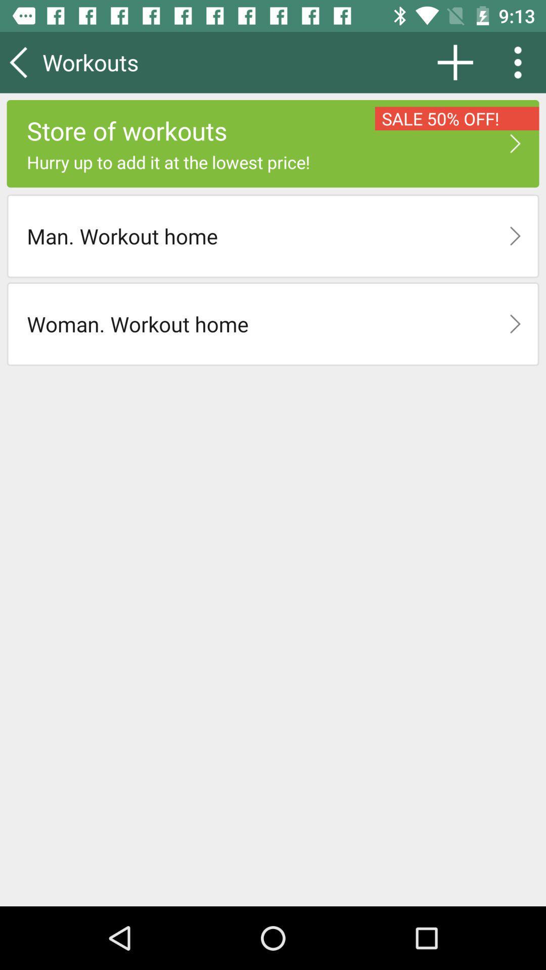  Describe the element at coordinates (455, 62) in the screenshot. I see `app next to the workouts icon` at that location.